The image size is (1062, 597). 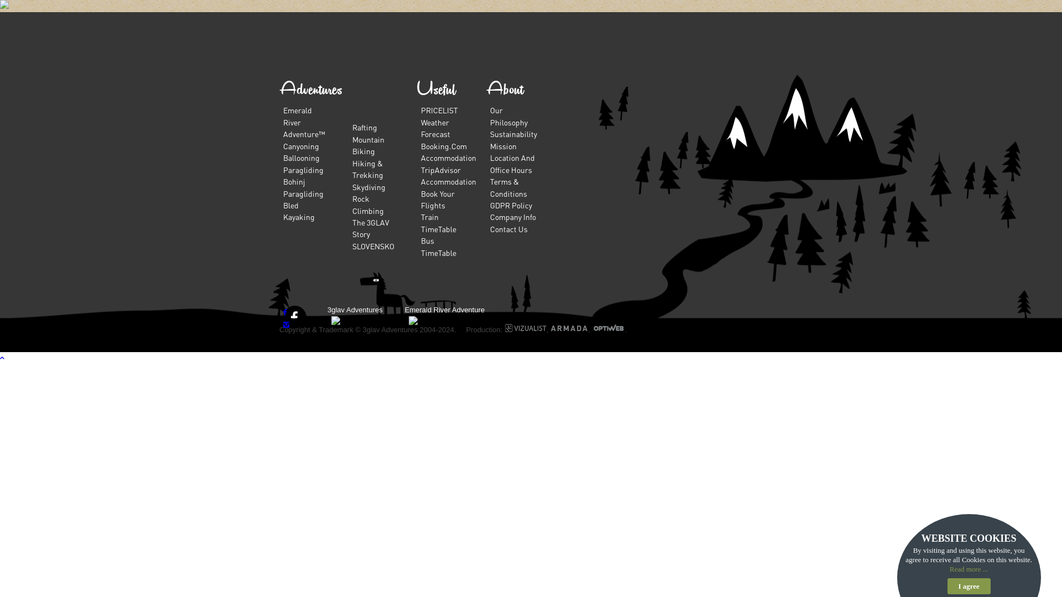 What do you see at coordinates (303, 198) in the screenshot?
I see `'Paragliding Bled'` at bounding box center [303, 198].